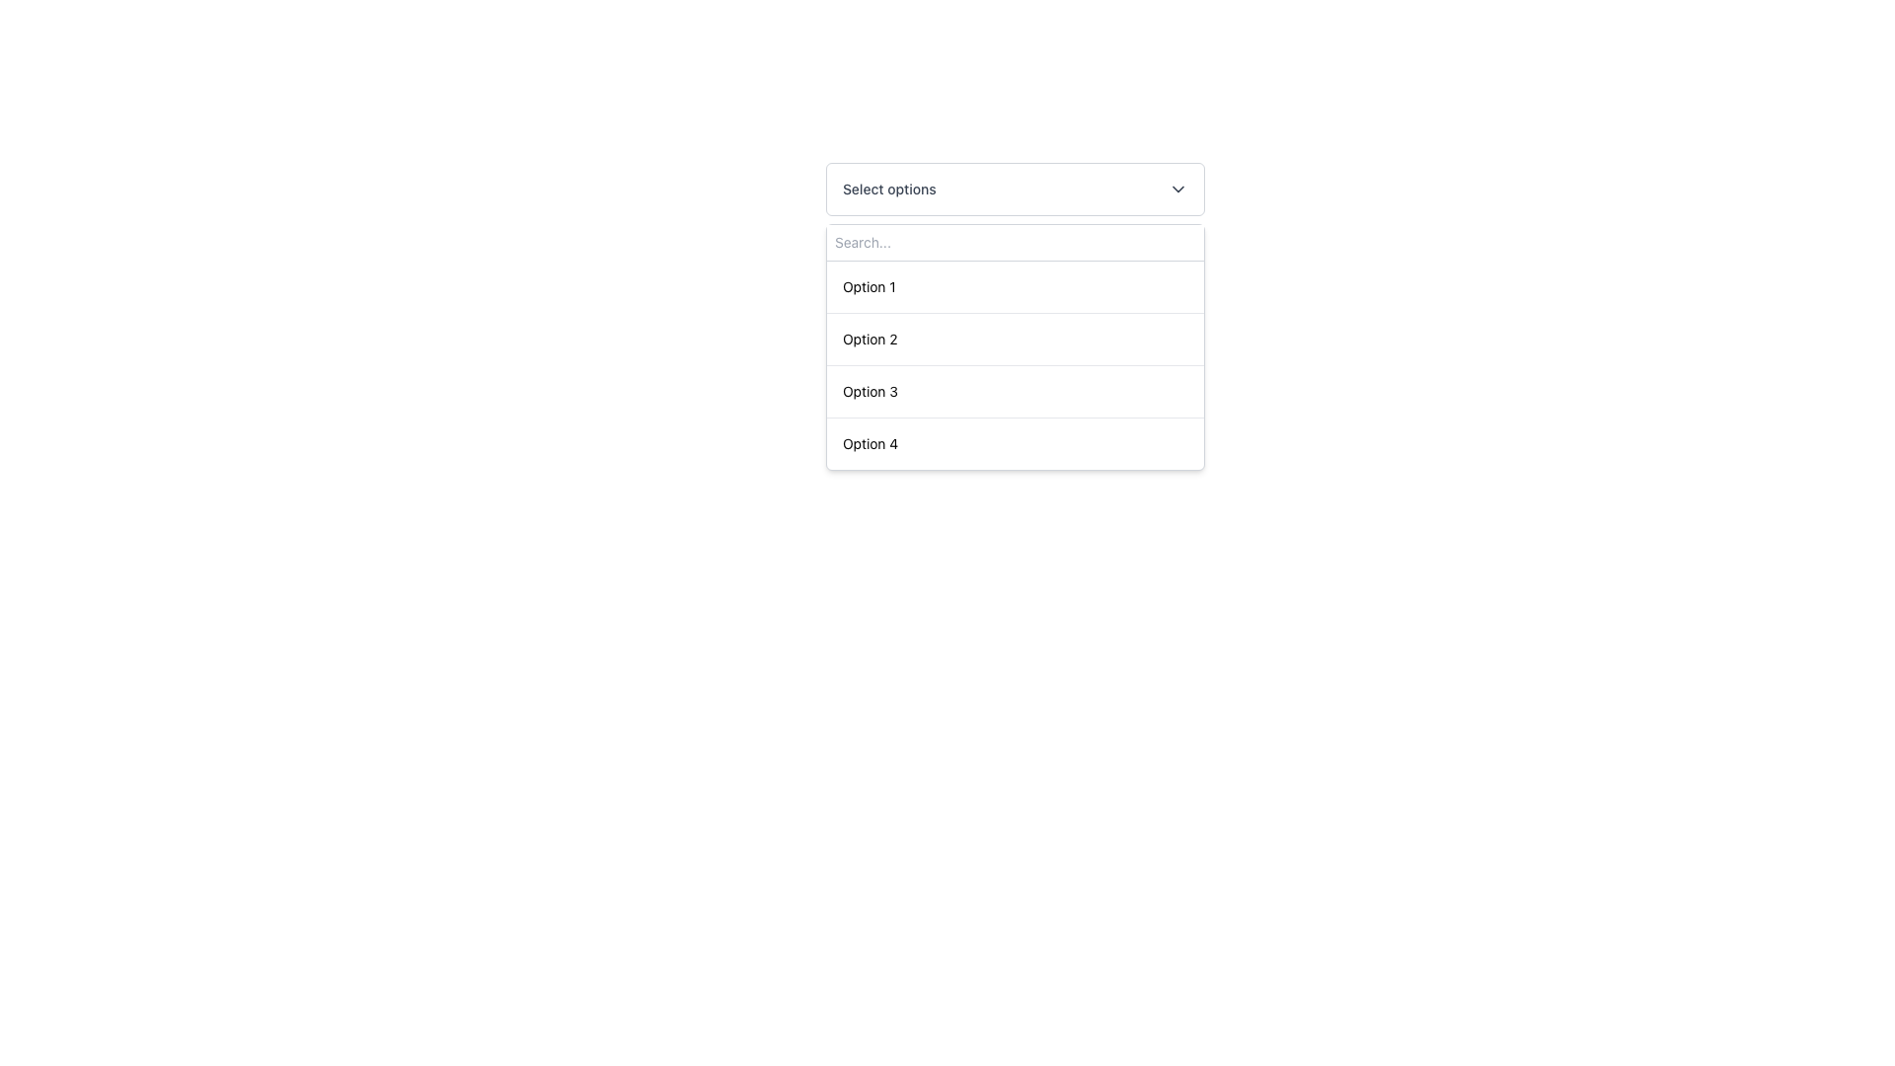  What do you see at coordinates (869, 338) in the screenshot?
I see `the second option 'Option 2' in the dropdown menu` at bounding box center [869, 338].